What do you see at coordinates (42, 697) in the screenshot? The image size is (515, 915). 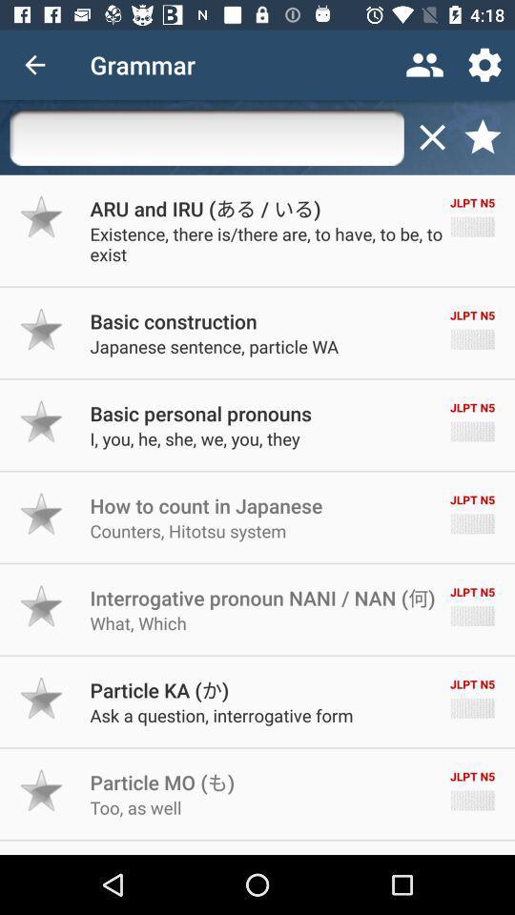 I see `mark as favorite` at bounding box center [42, 697].